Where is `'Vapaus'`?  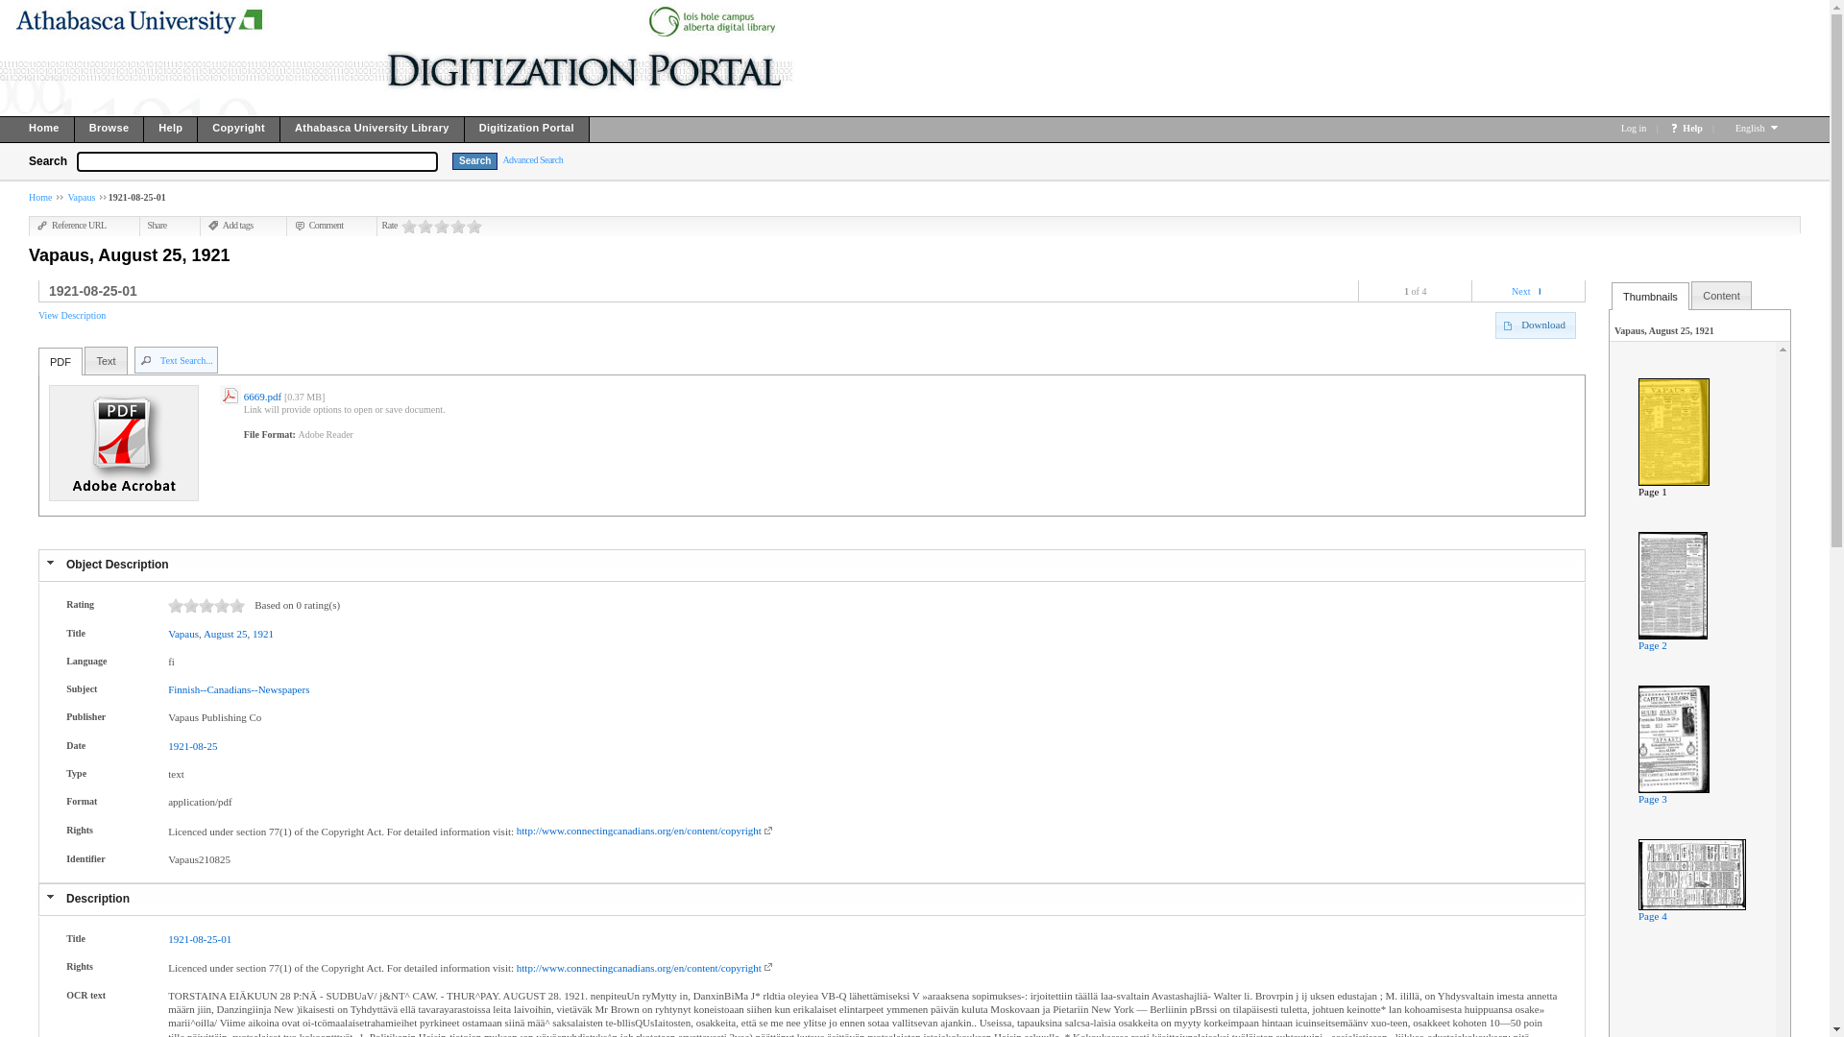 'Vapaus' is located at coordinates (80, 197).